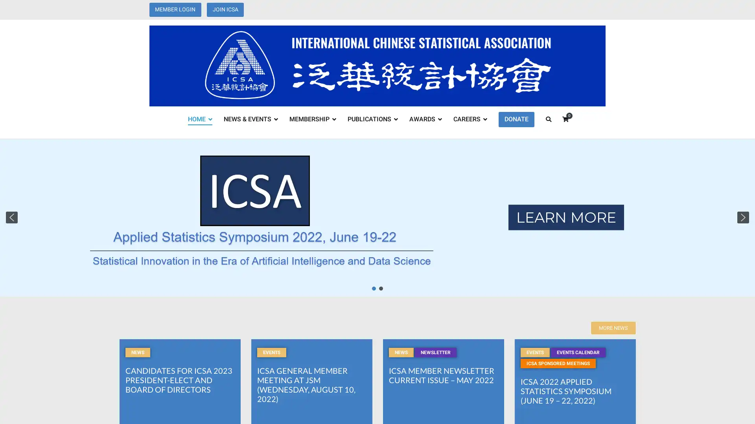 This screenshot has height=424, width=755. I want to click on Slide 1, so click(381, 288).